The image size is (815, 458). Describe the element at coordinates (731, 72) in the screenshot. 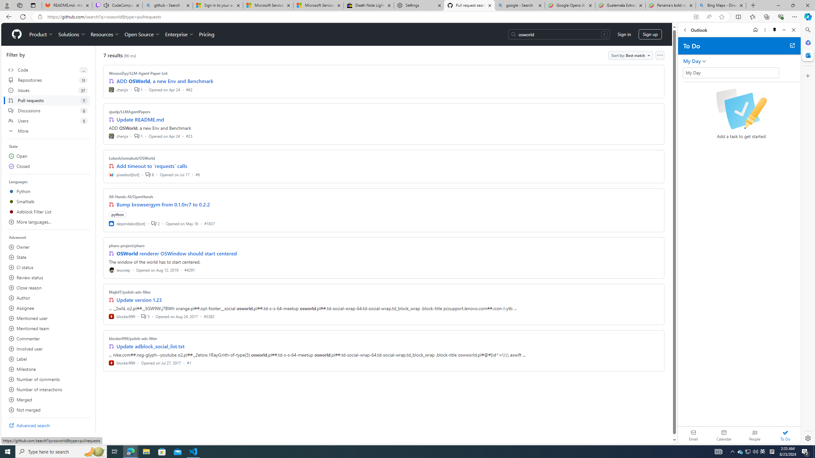

I see `'My Day'` at that location.